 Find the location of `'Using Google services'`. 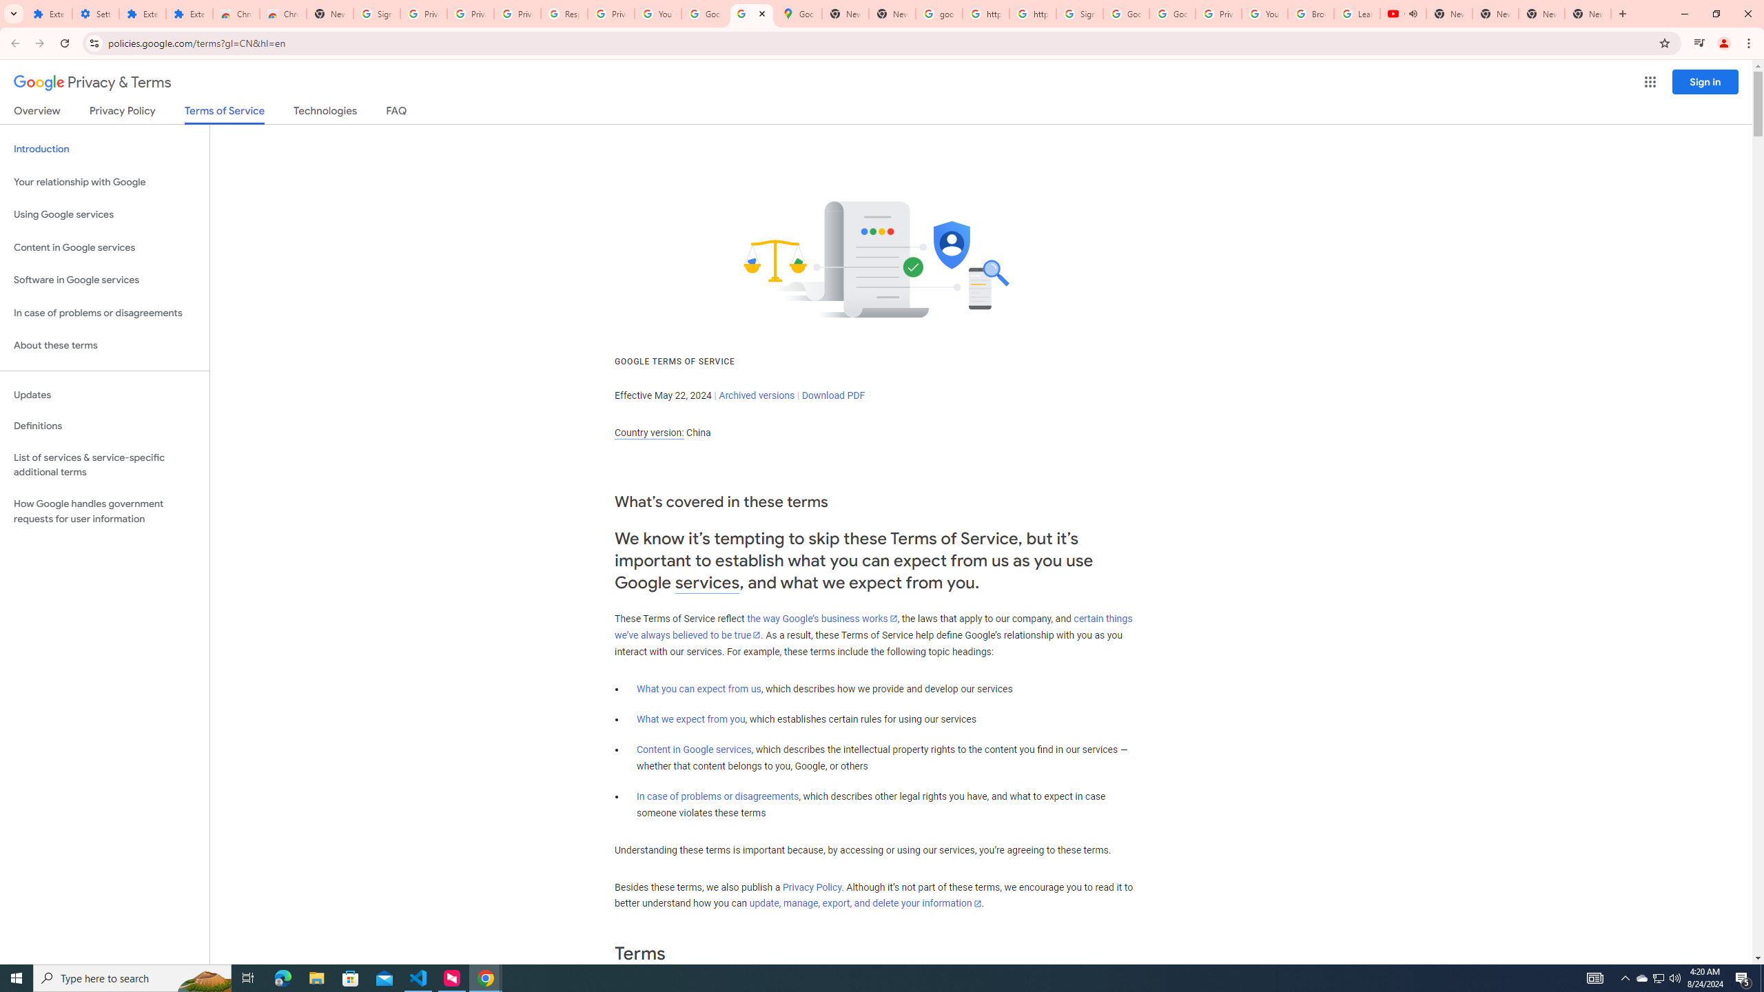

'Using Google services' is located at coordinates (104, 214).